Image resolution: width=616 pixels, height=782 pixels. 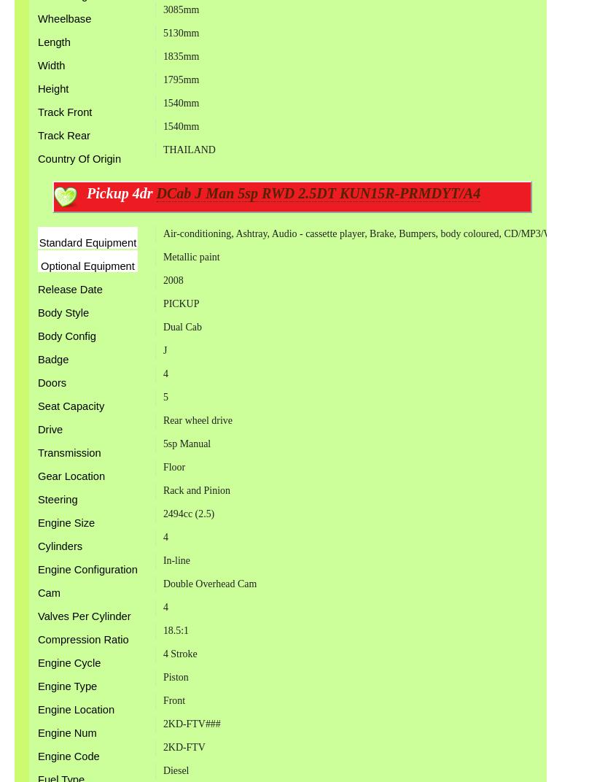 What do you see at coordinates (181, 326) in the screenshot?
I see `'Dual Cab'` at bounding box center [181, 326].